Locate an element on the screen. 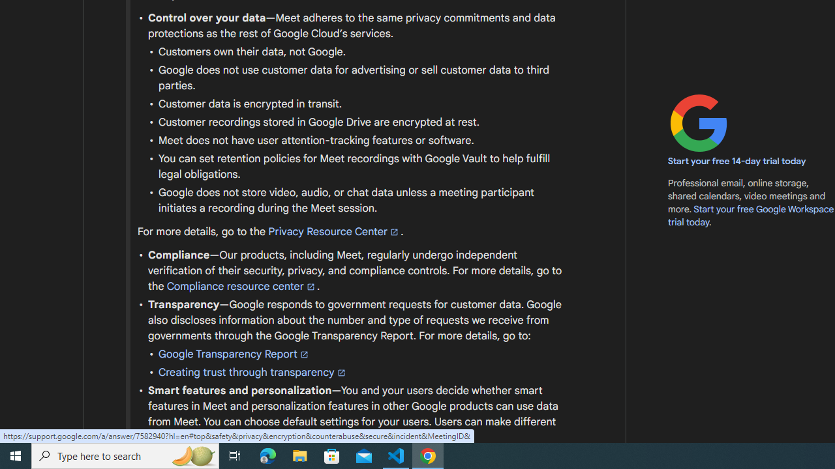 The width and height of the screenshot is (835, 469). 'Start your free 14-day trial today' is located at coordinates (737, 160).